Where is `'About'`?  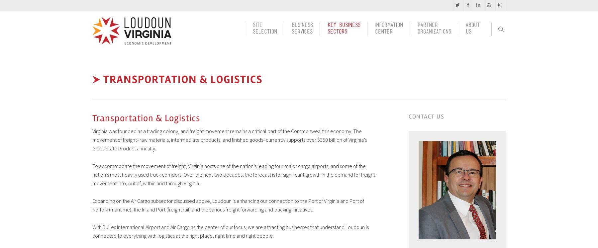 'About' is located at coordinates (472, 26).